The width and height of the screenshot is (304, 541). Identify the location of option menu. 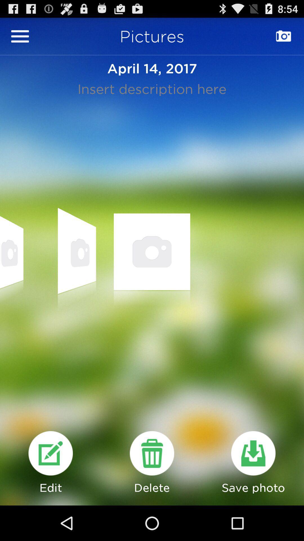
(20, 36).